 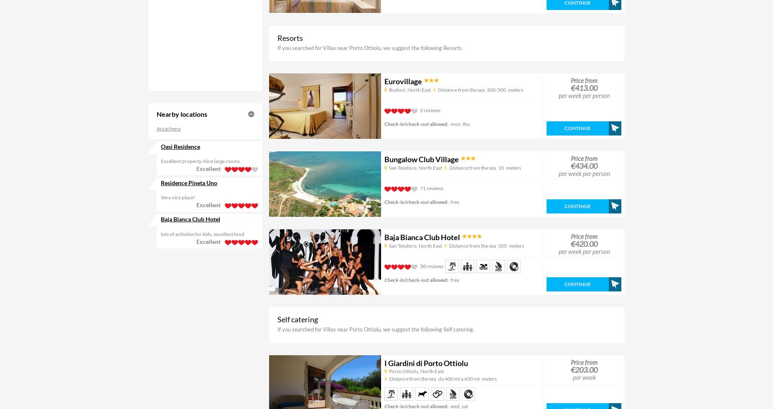 What do you see at coordinates (500, 167) in the screenshot?
I see `'10'` at bounding box center [500, 167].